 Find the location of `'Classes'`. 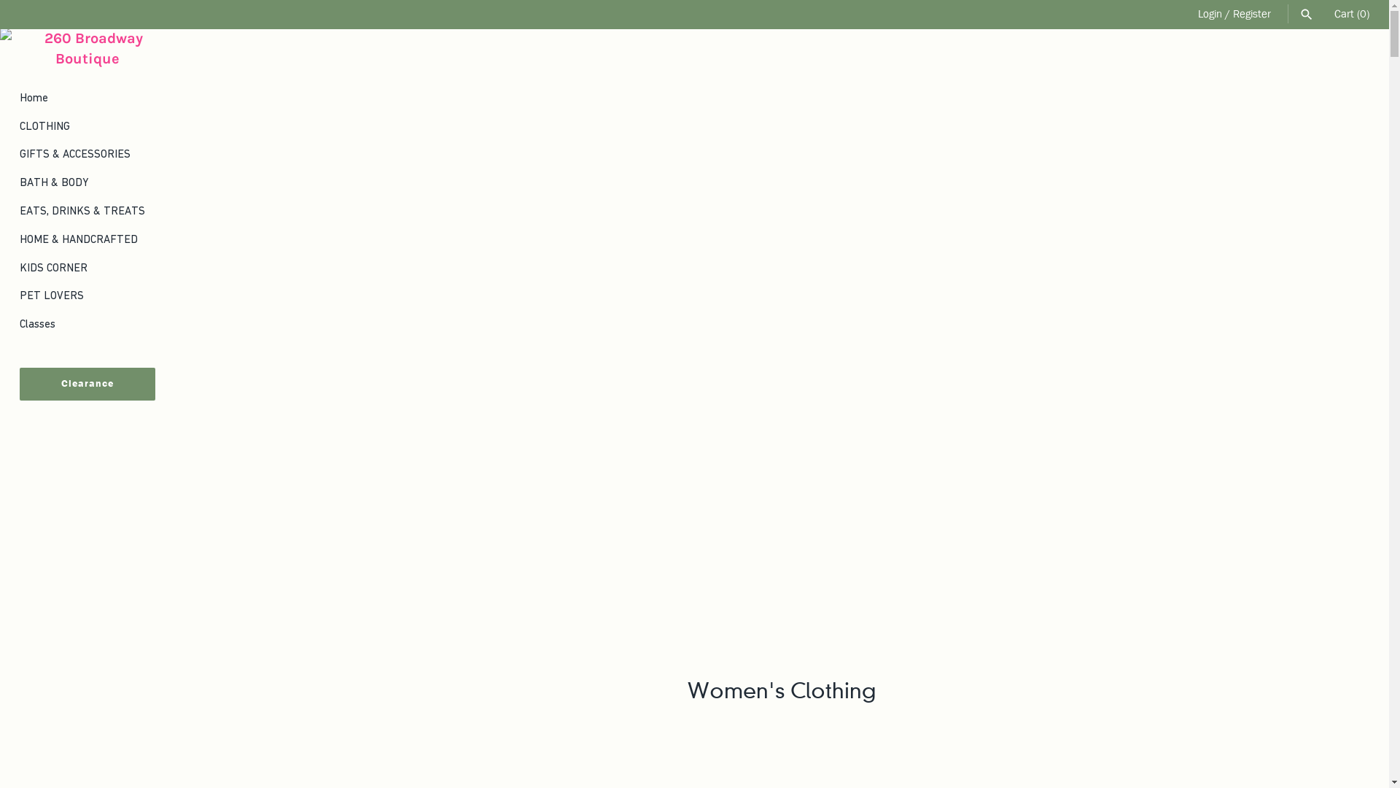

'Classes' is located at coordinates (87, 323).